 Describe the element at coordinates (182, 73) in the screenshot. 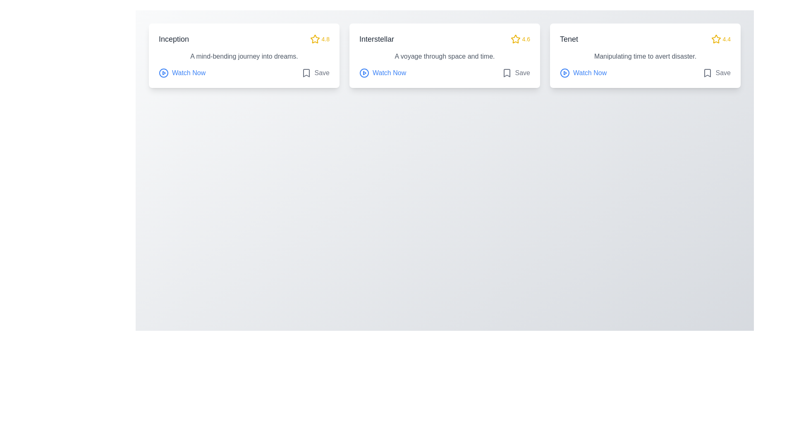

I see `the 'Watch Now' button link, which is styled in blue and is accompanied by a play icon, to initiate media playback` at that location.